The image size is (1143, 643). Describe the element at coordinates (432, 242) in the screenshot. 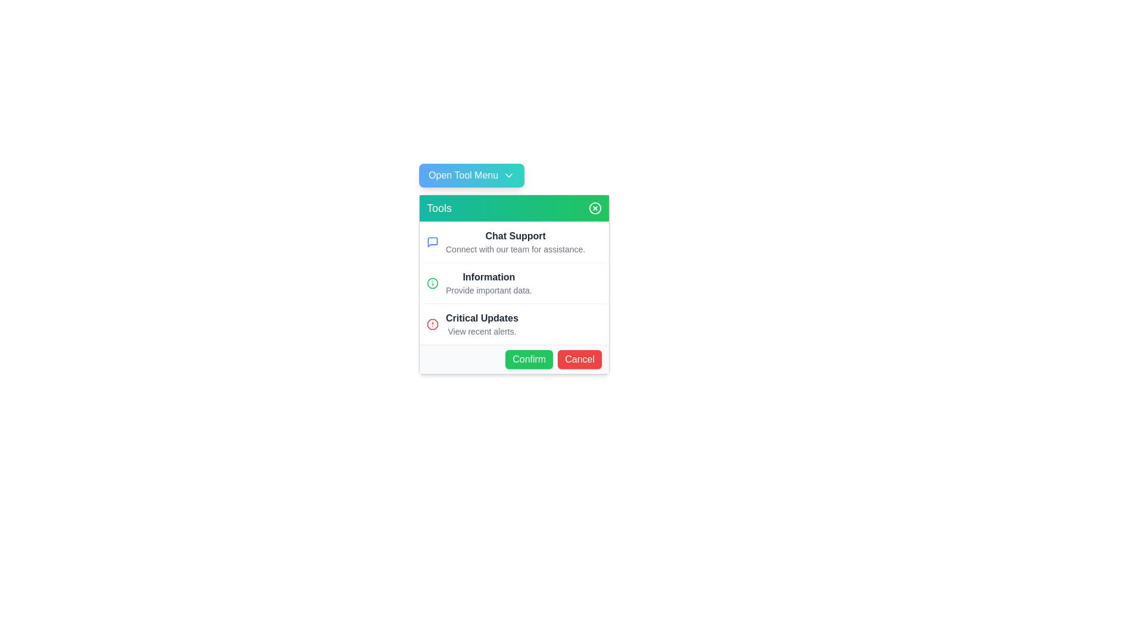

I see `the speech bubble icon, which is an SVG graphic with a blue stroke color, located to the left of the 'Chat Support' item in the vertical list of options` at that location.